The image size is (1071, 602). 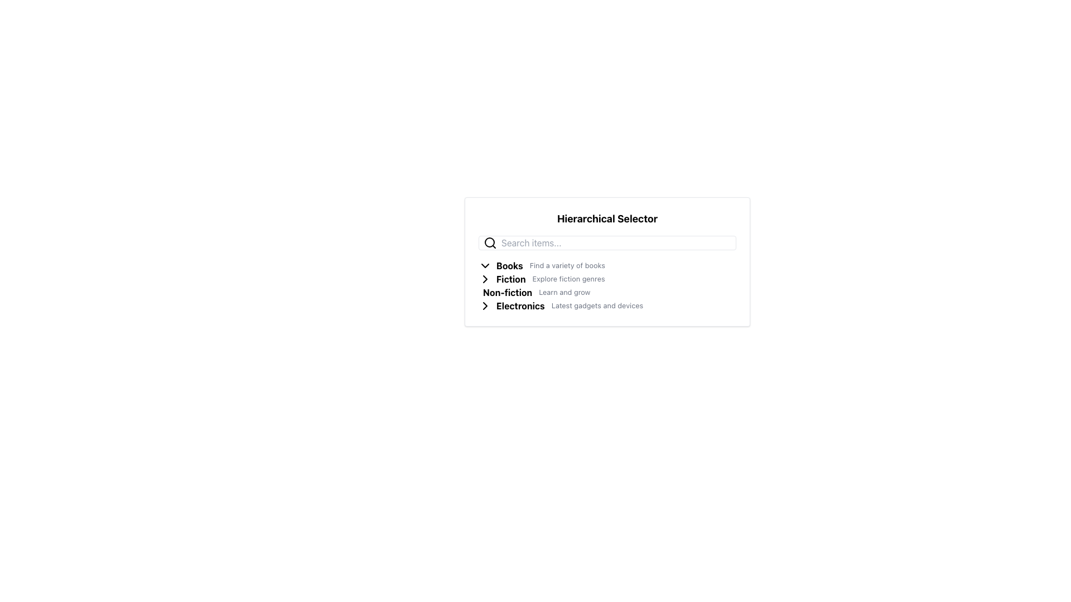 What do you see at coordinates (487, 305) in the screenshot?
I see `the rightward-facing chevron arrow icon` at bounding box center [487, 305].